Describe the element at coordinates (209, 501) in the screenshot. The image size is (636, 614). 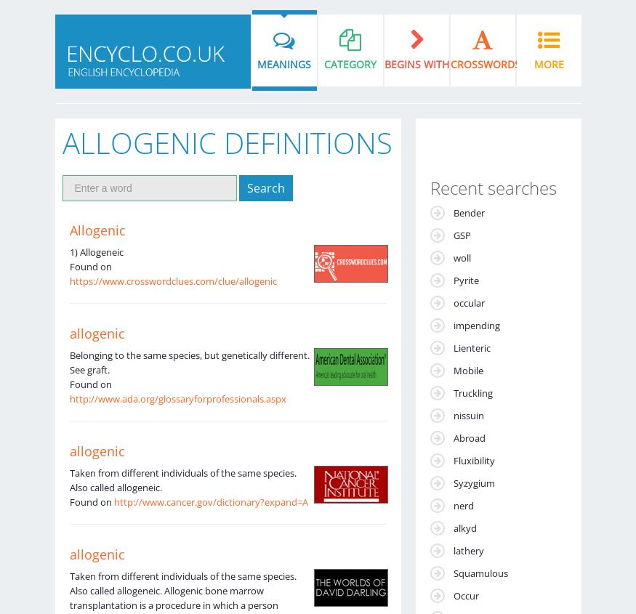
I see `'http://www.cancer.gov/dictionary?expand=A'` at that location.